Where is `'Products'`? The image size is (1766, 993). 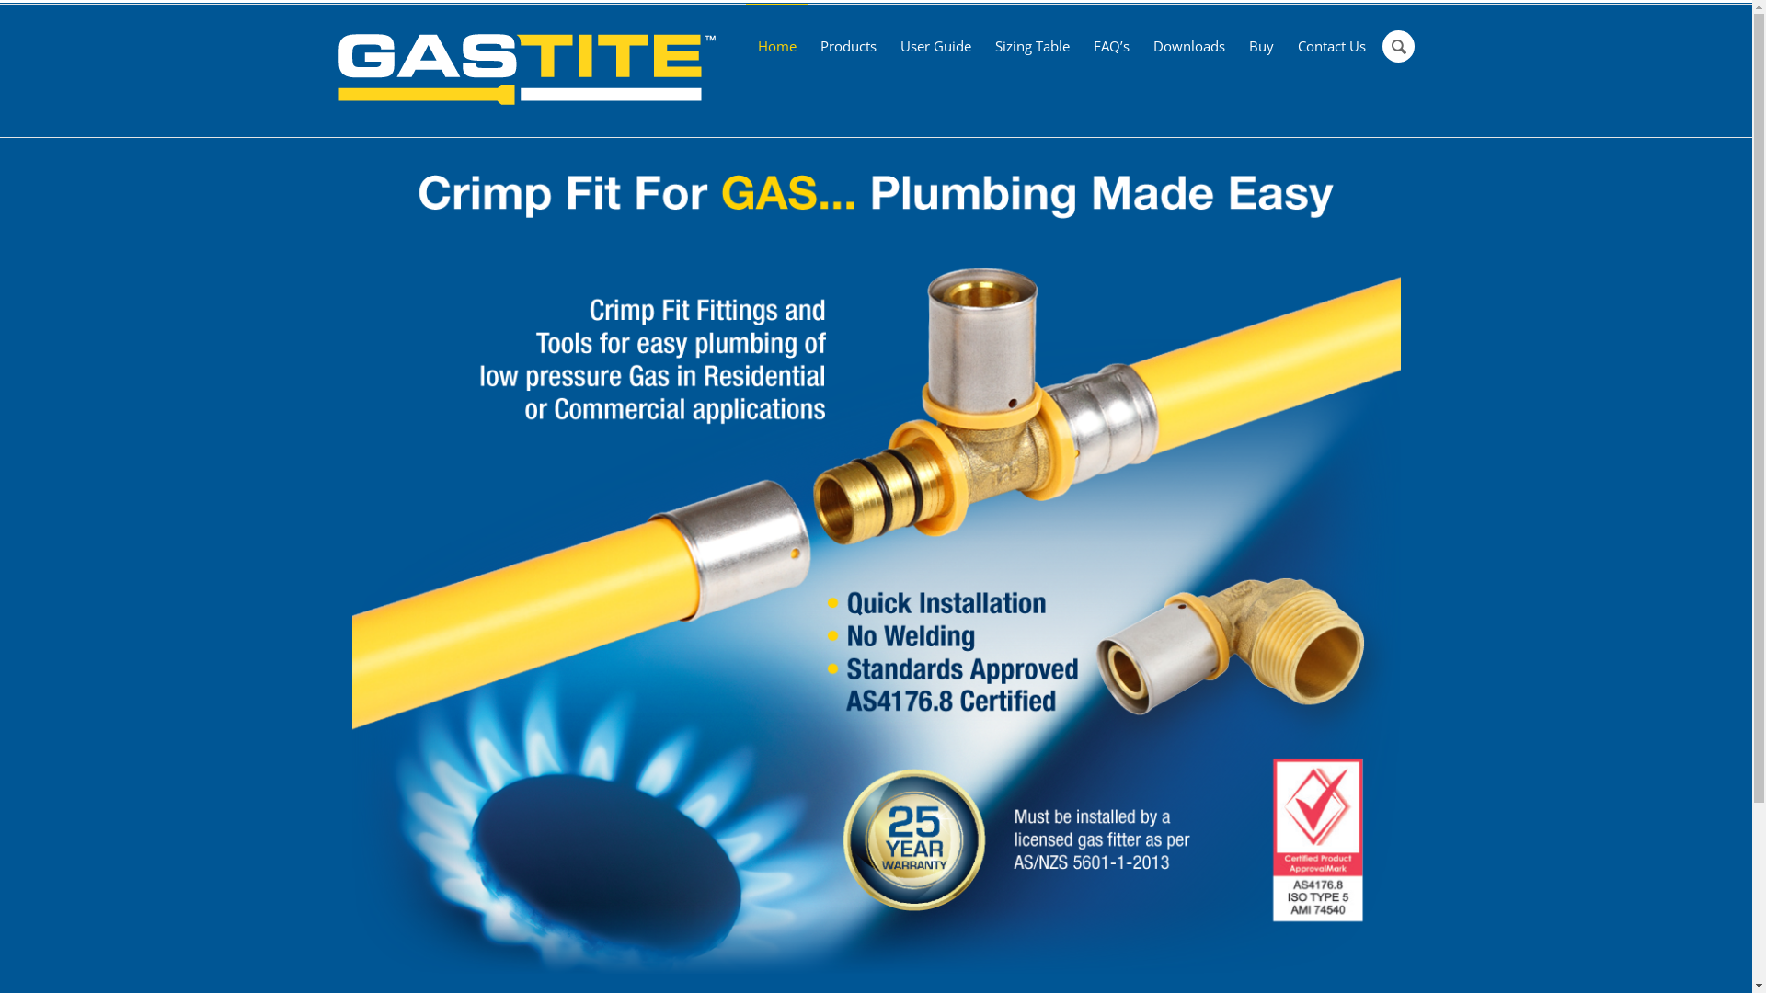 'Products' is located at coordinates (808, 41).